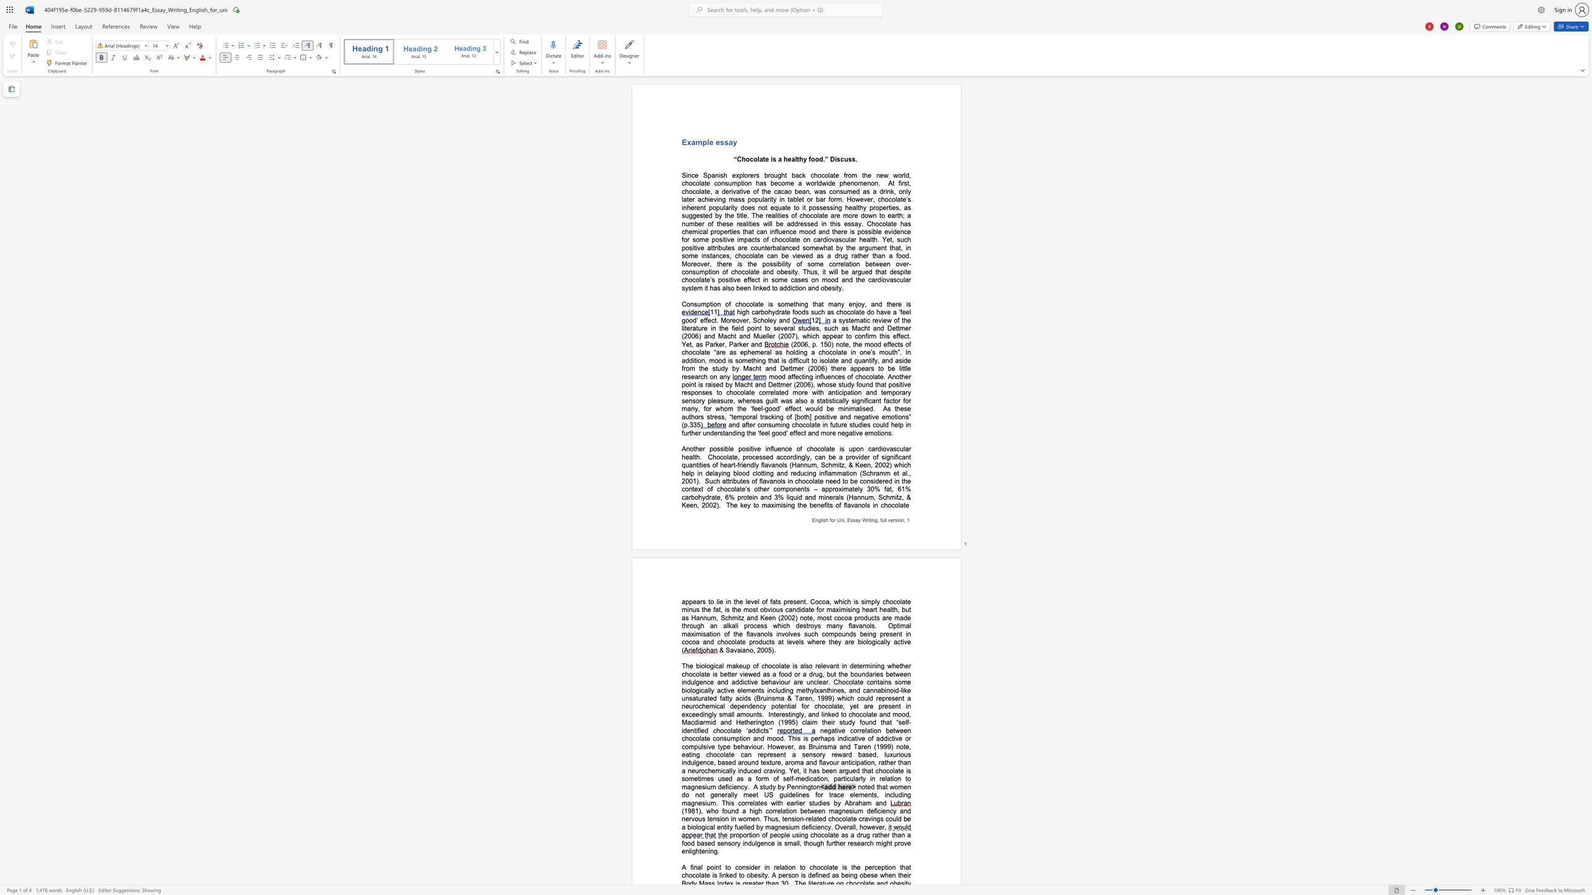 This screenshot has width=1592, height=895. I want to click on the subset text "er (2006), whose study found that posit" within the text "mood affecting influences of chocolate. Another point is raised by Macht and Dettmer (2006), whose study found that positive responses to chocolate correlated more with anticipation and temporary sensory pleasure,", so click(785, 385).